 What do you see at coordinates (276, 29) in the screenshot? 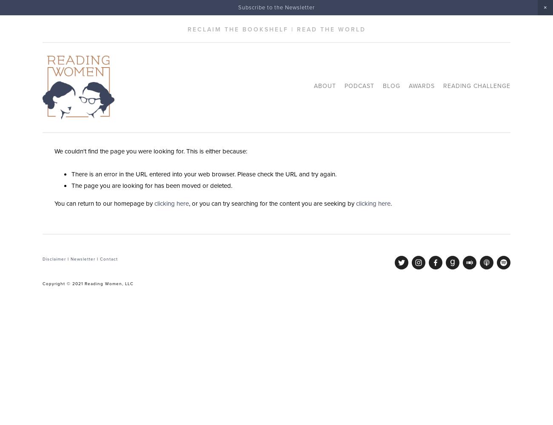
I see `'Reclaim the Bookshelf | read the world'` at bounding box center [276, 29].